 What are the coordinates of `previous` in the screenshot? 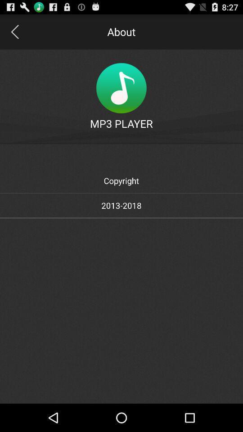 It's located at (14, 31).